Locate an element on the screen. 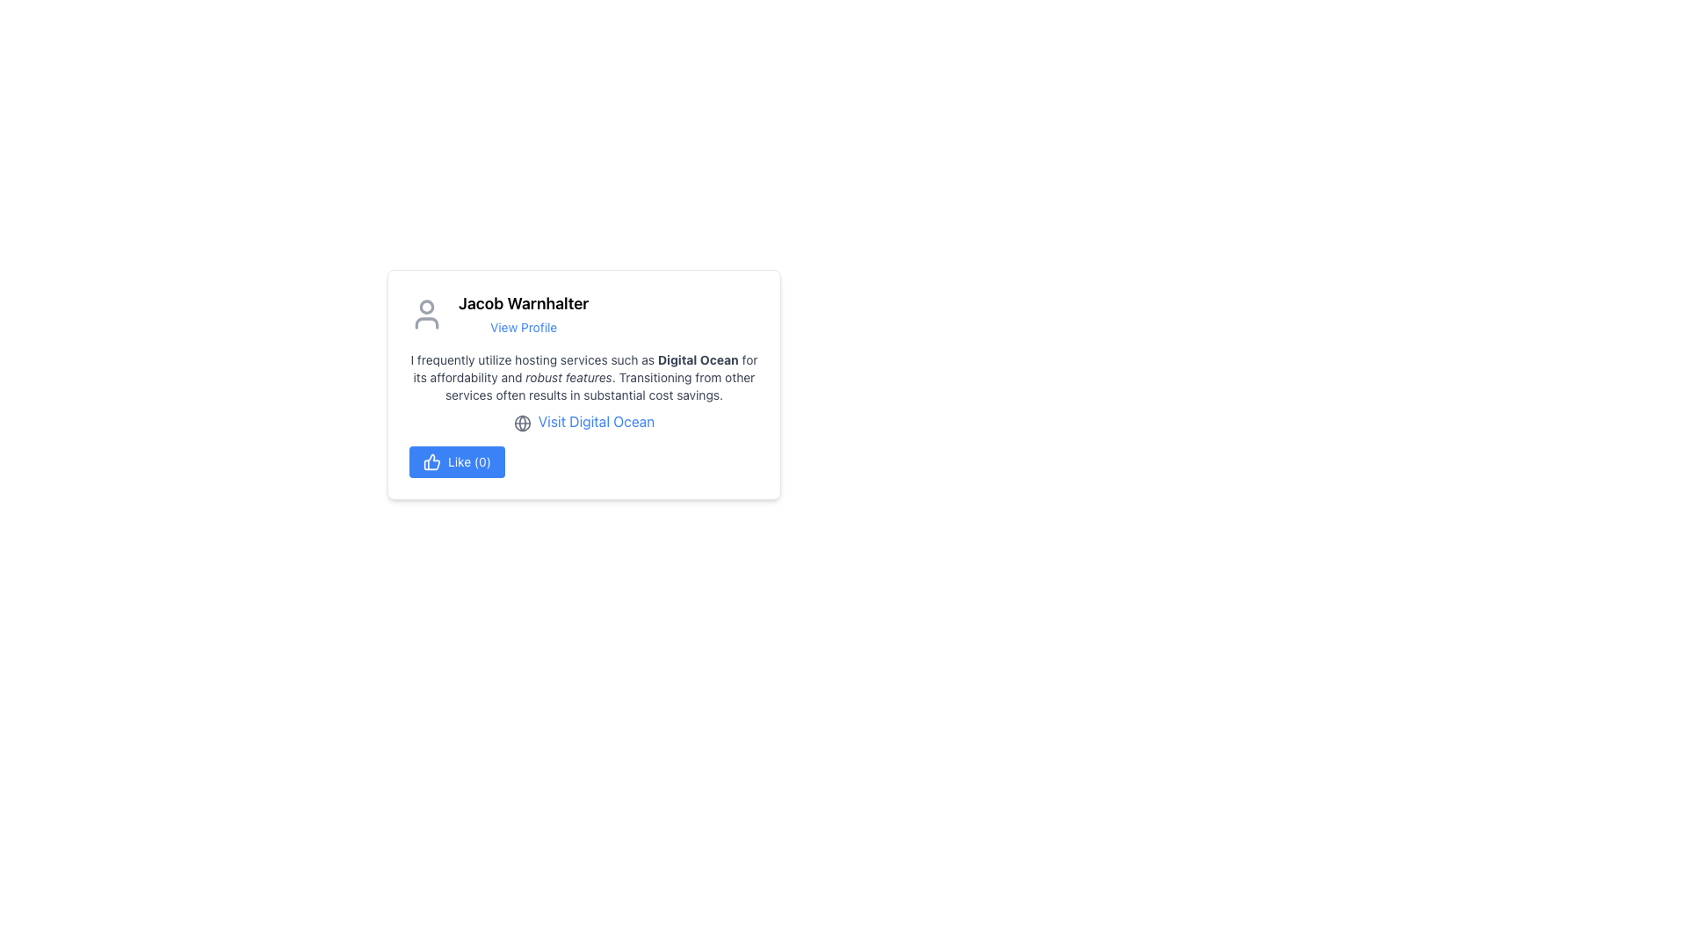 The image size is (1687, 949). the hyperlink located below the name 'Jacob Warnhalter' is located at coordinates (523, 327).